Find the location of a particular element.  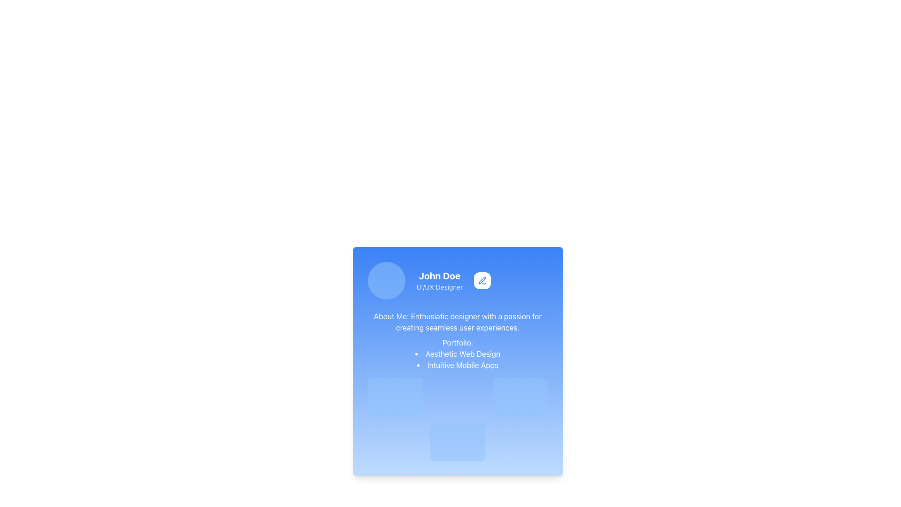

the Text Block element displaying the name 'John Doe' and the title 'UI/UX Designer' on a blue background, positioned between a circular image and a pen icon is located at coordinates (439, 280).